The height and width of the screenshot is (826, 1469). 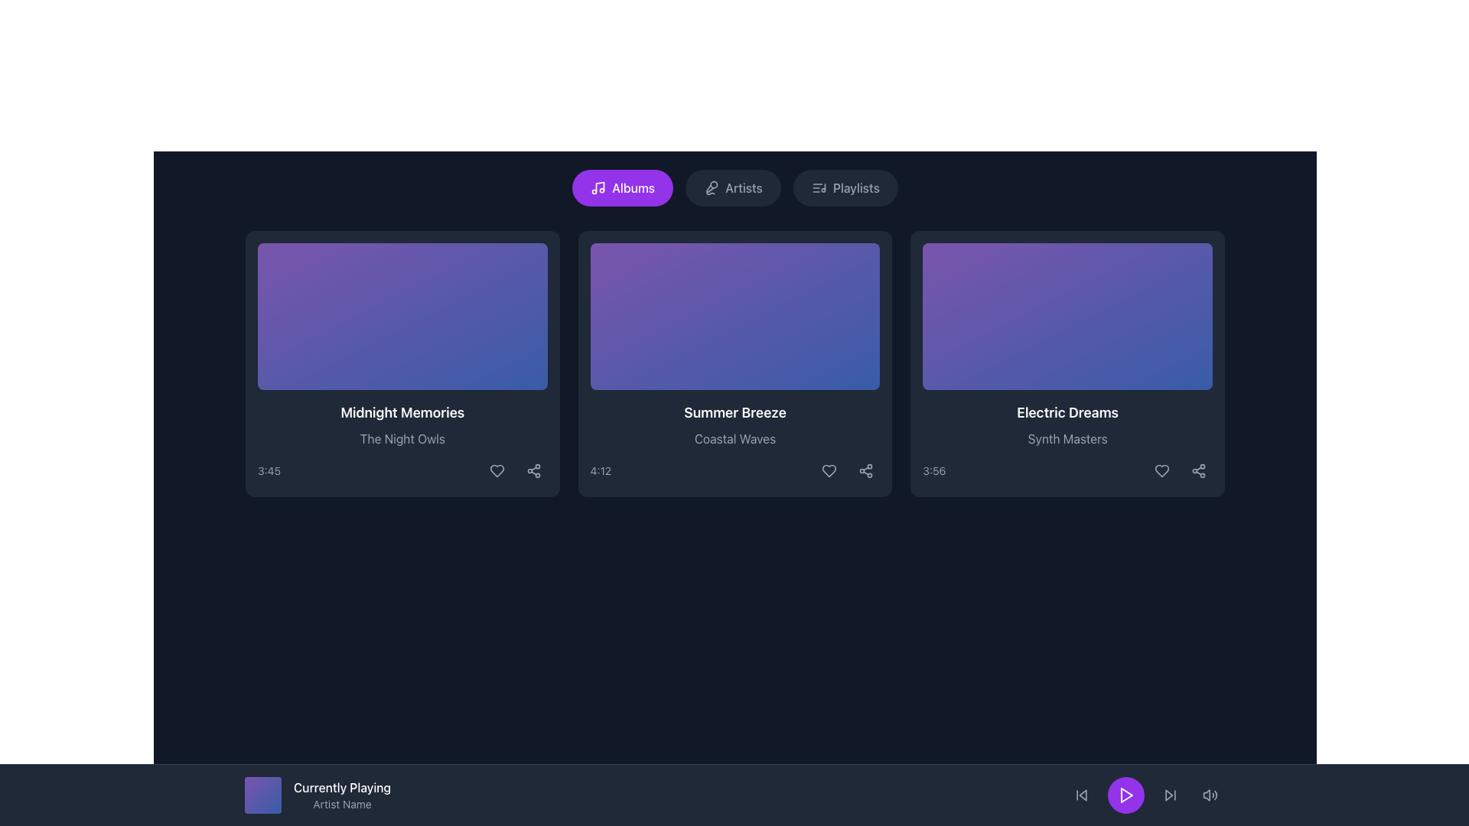 I want to click on the 'skip forward' button located in the bottom playback control panel, to the immediate right of the central play button, so click(x=1170, y=795).